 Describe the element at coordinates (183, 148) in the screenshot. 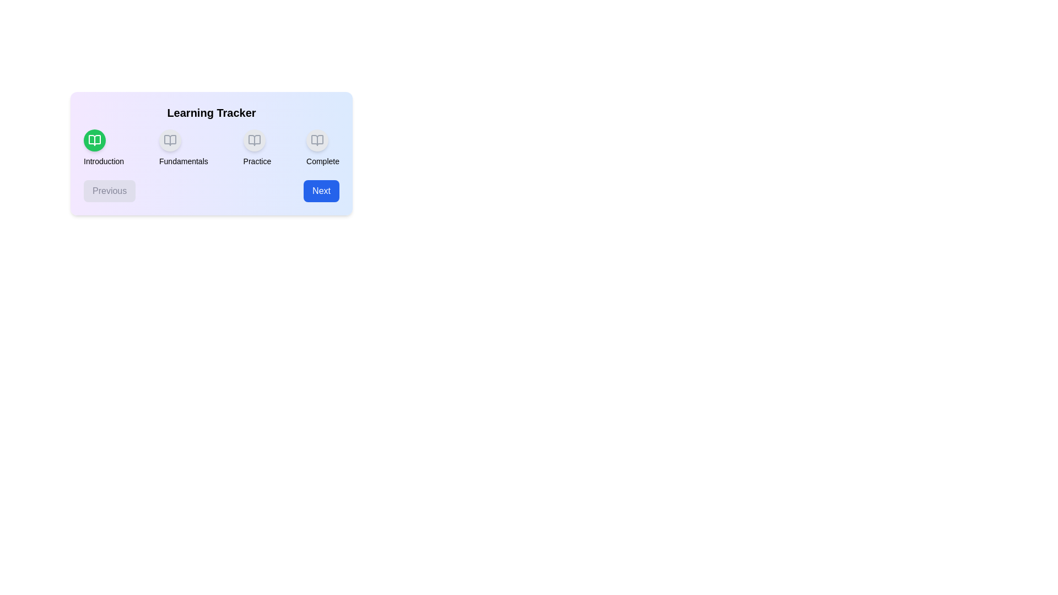

I see `the 'Fundamentals' stage in the Learning Tracker` at that location.